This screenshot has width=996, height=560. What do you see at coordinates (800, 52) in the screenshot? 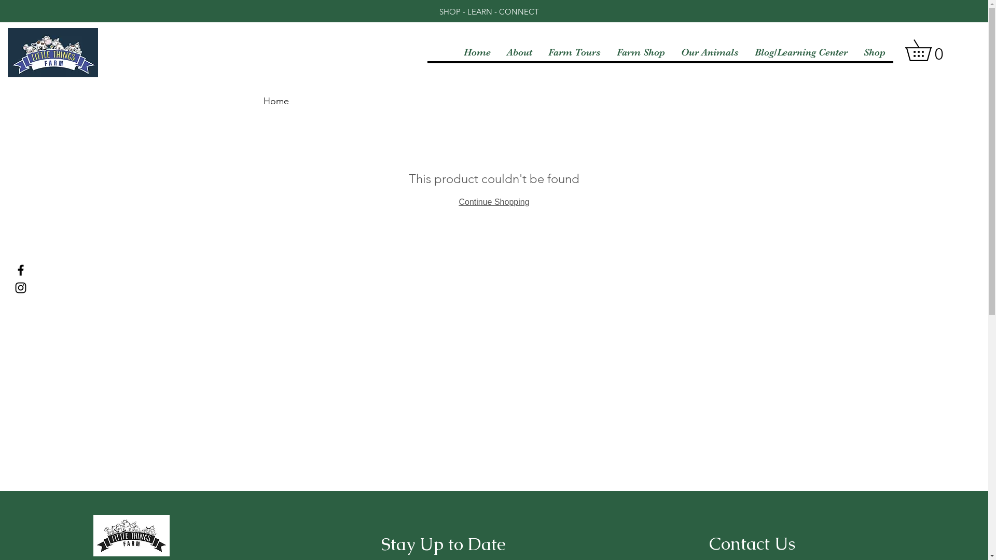
I see `'Blog/Learning Center'` at bounding box center [800, 52].